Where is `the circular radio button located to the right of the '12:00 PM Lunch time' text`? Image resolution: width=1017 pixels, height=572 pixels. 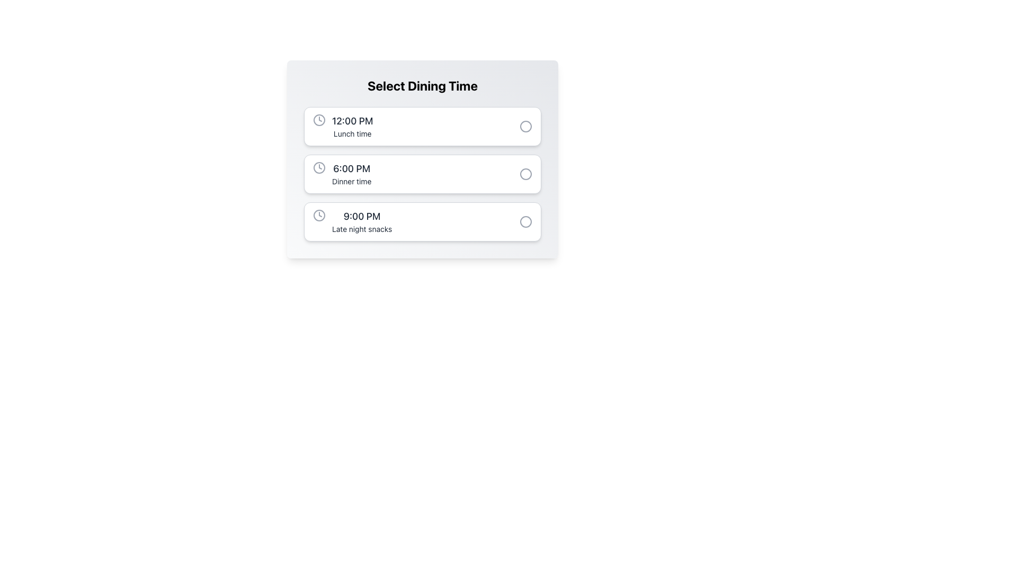
the circular radio button located to the right of the '12:00 PM Lunch time' text is located at coordinates (526, 126).